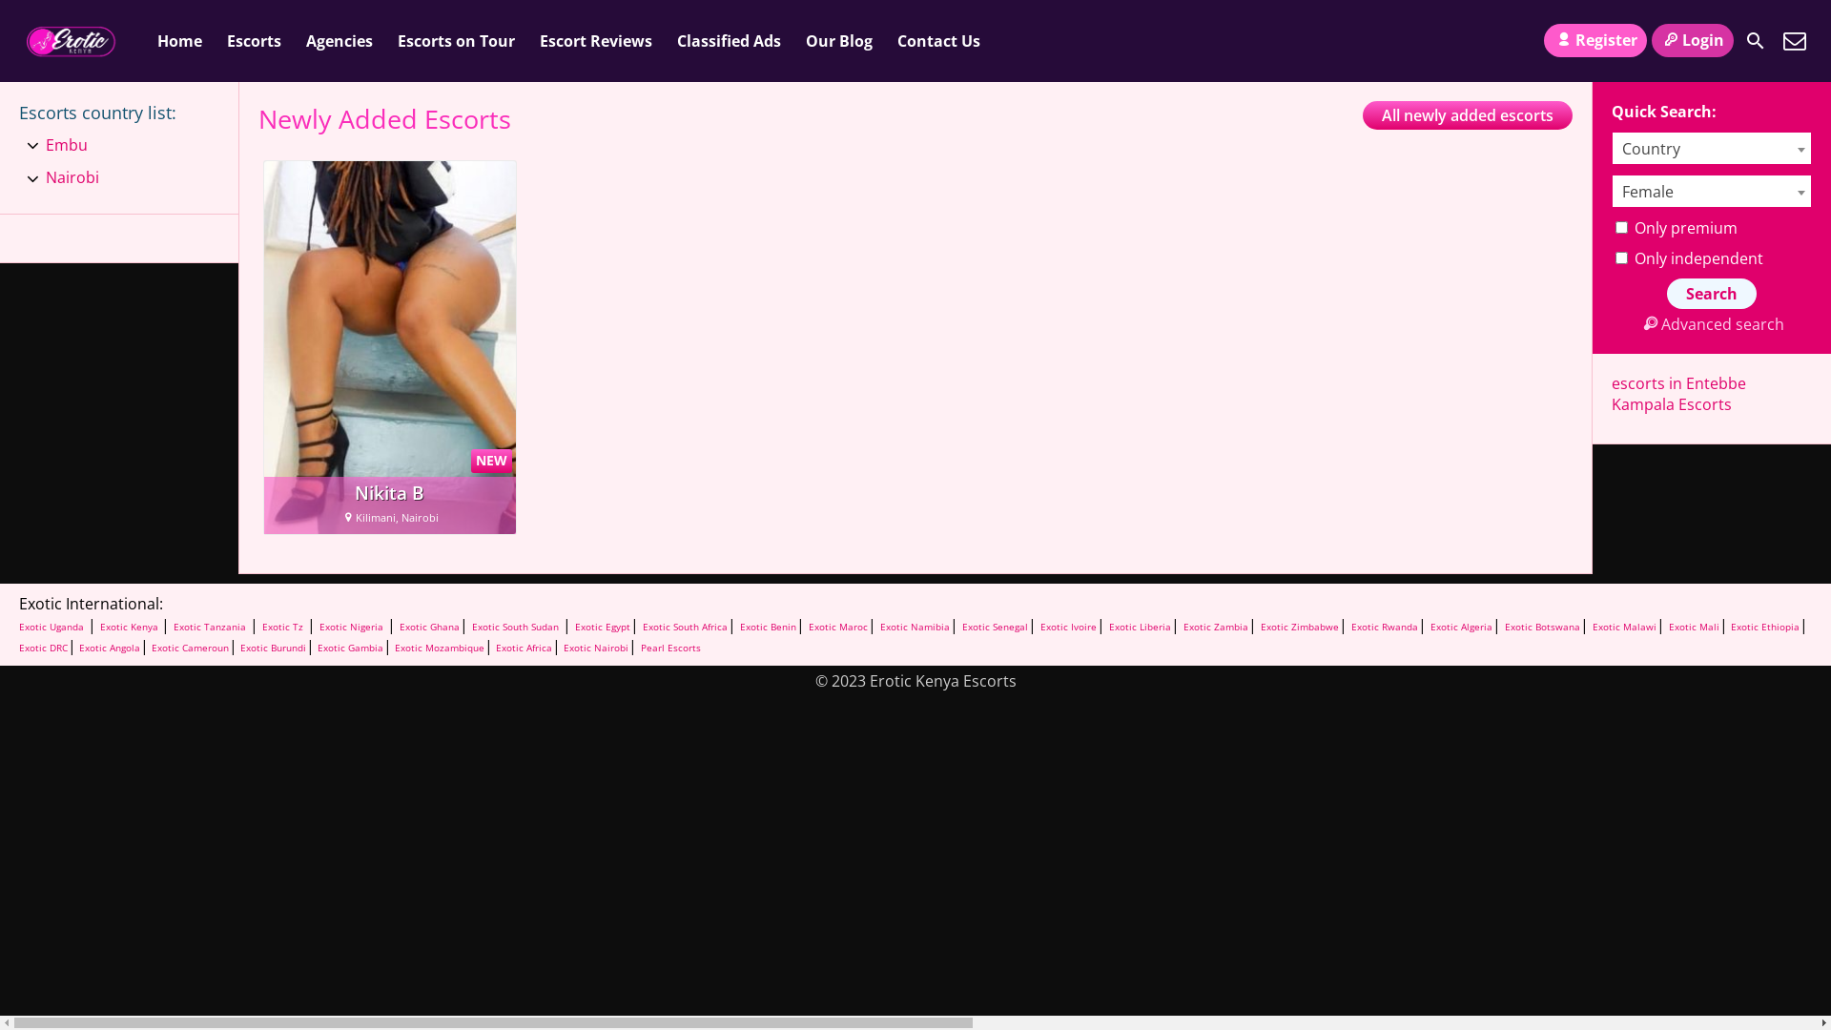  What do you see at coordinates (1665, 294) in the screenshot?
I see `'Search'` at bounding box center [1665, 294].